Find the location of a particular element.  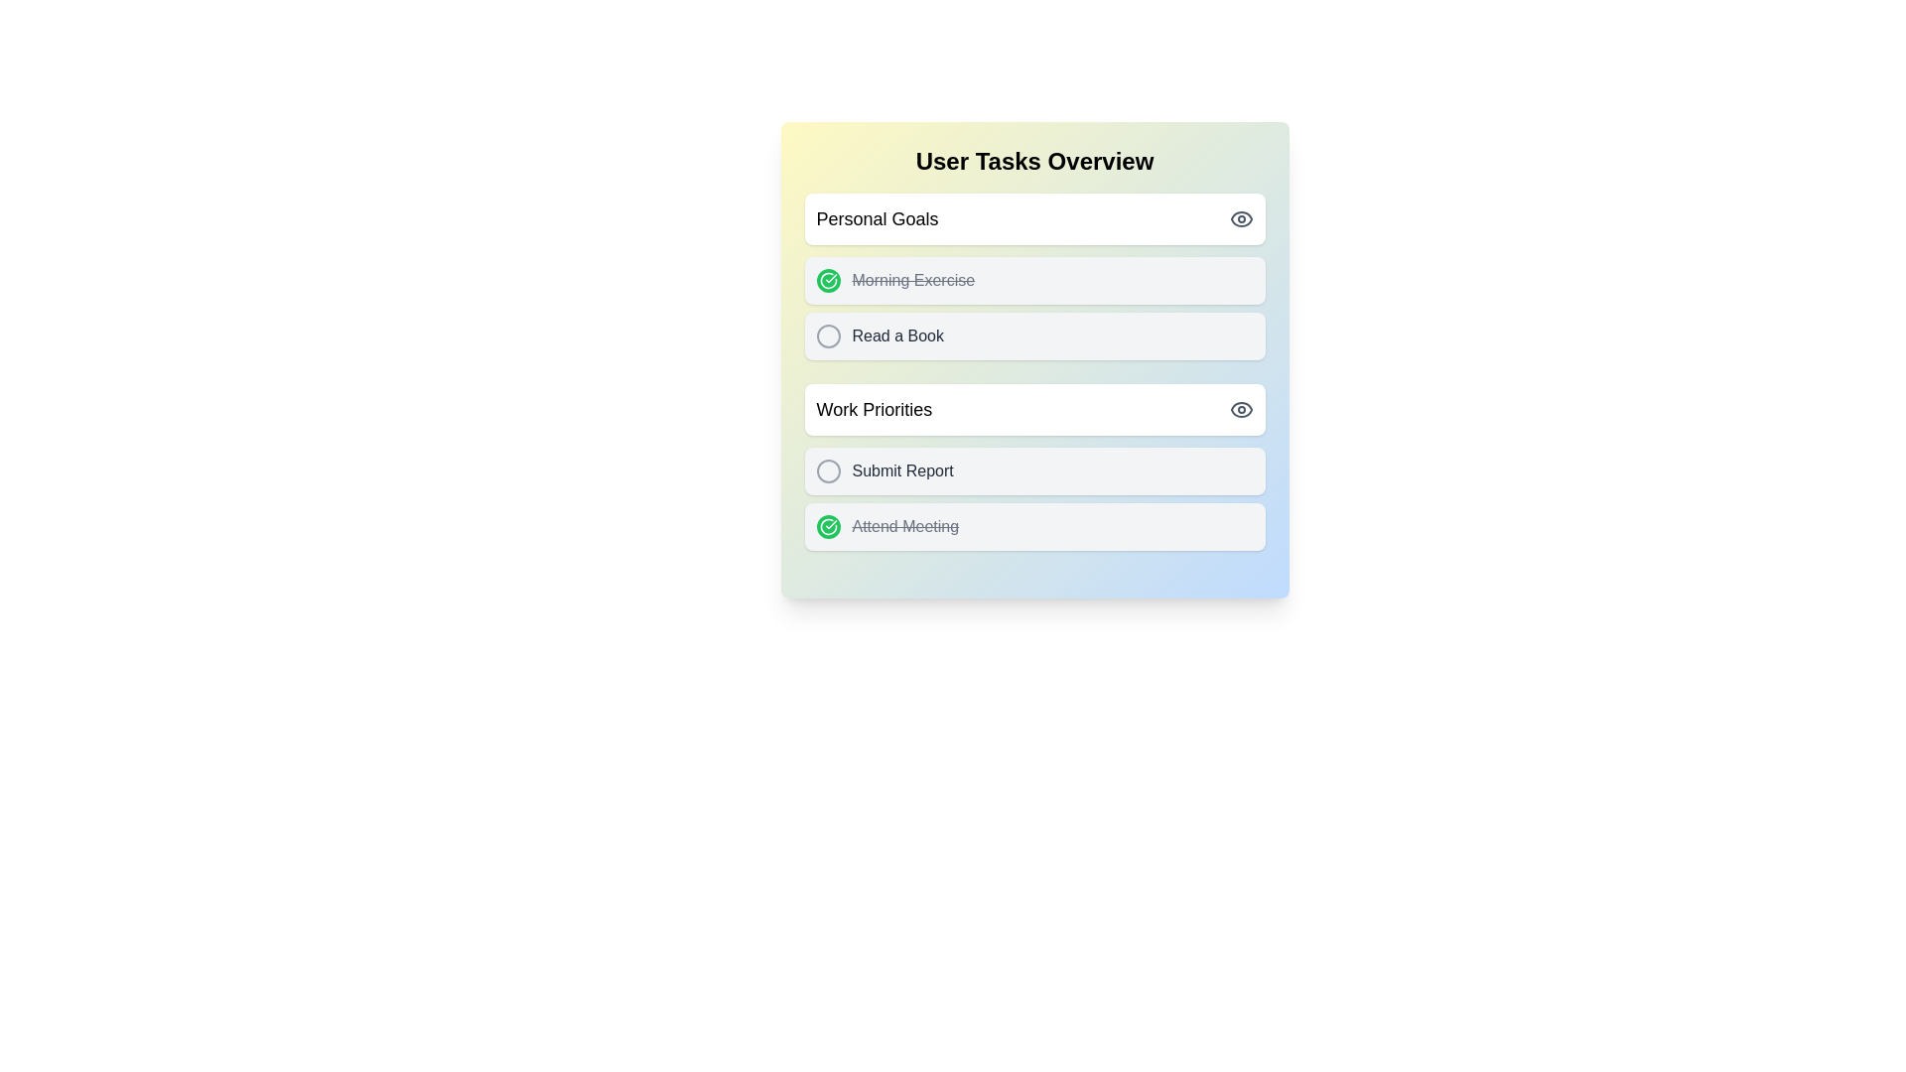

the Text Label representing a completed task in the 'Work Priorities' section, which is styled with strikethrough text and is located to the right of a green check icon is located at coordinates (904, 526).